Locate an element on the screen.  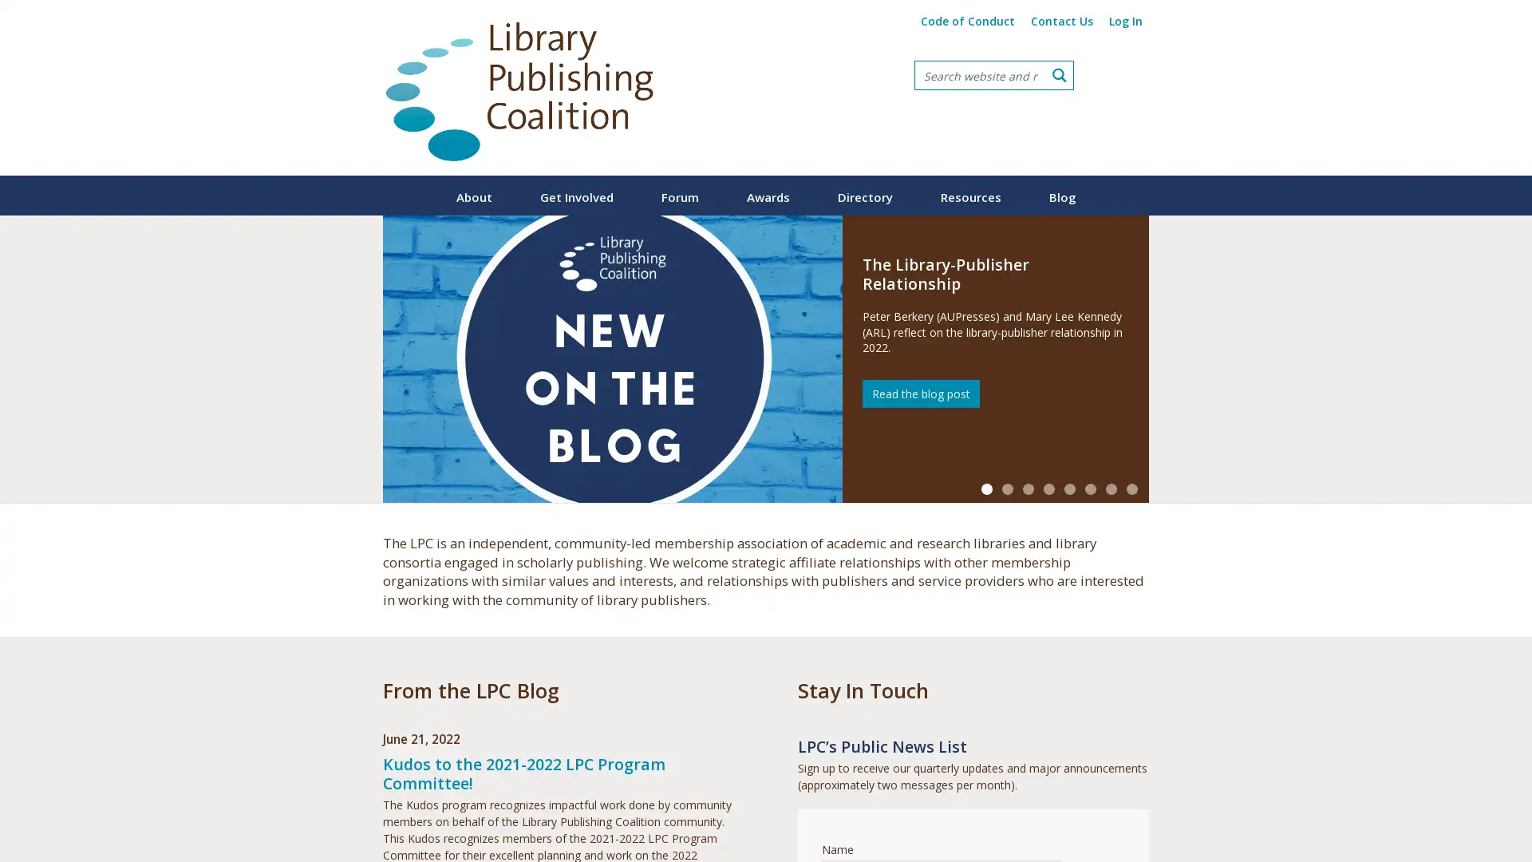
Go to slide 1 is located at coordinates (986, 488).